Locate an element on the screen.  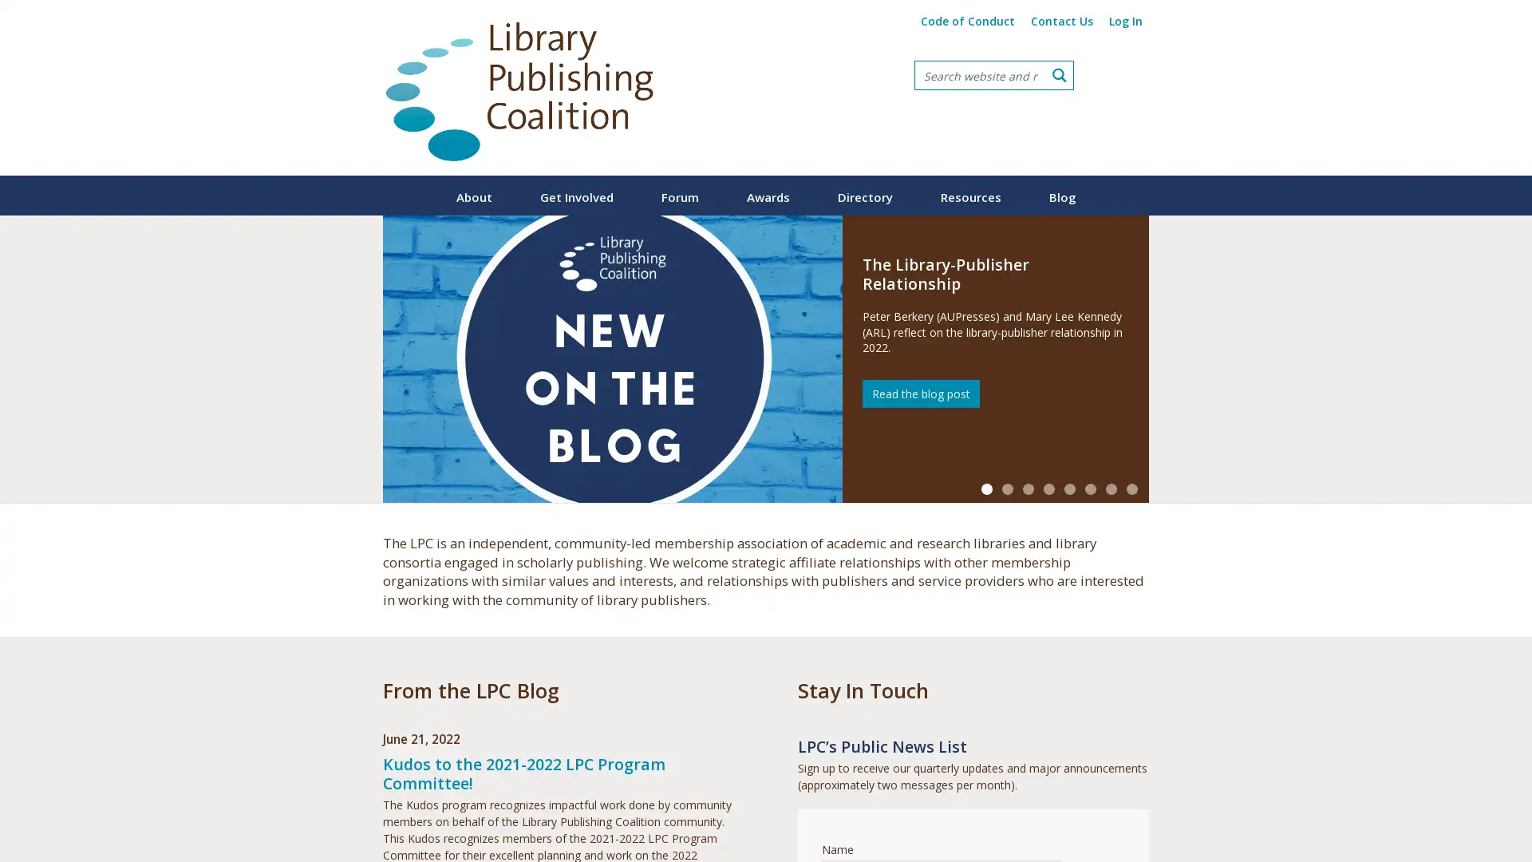
Go to slide 1 is located at coordinates (986, 488).